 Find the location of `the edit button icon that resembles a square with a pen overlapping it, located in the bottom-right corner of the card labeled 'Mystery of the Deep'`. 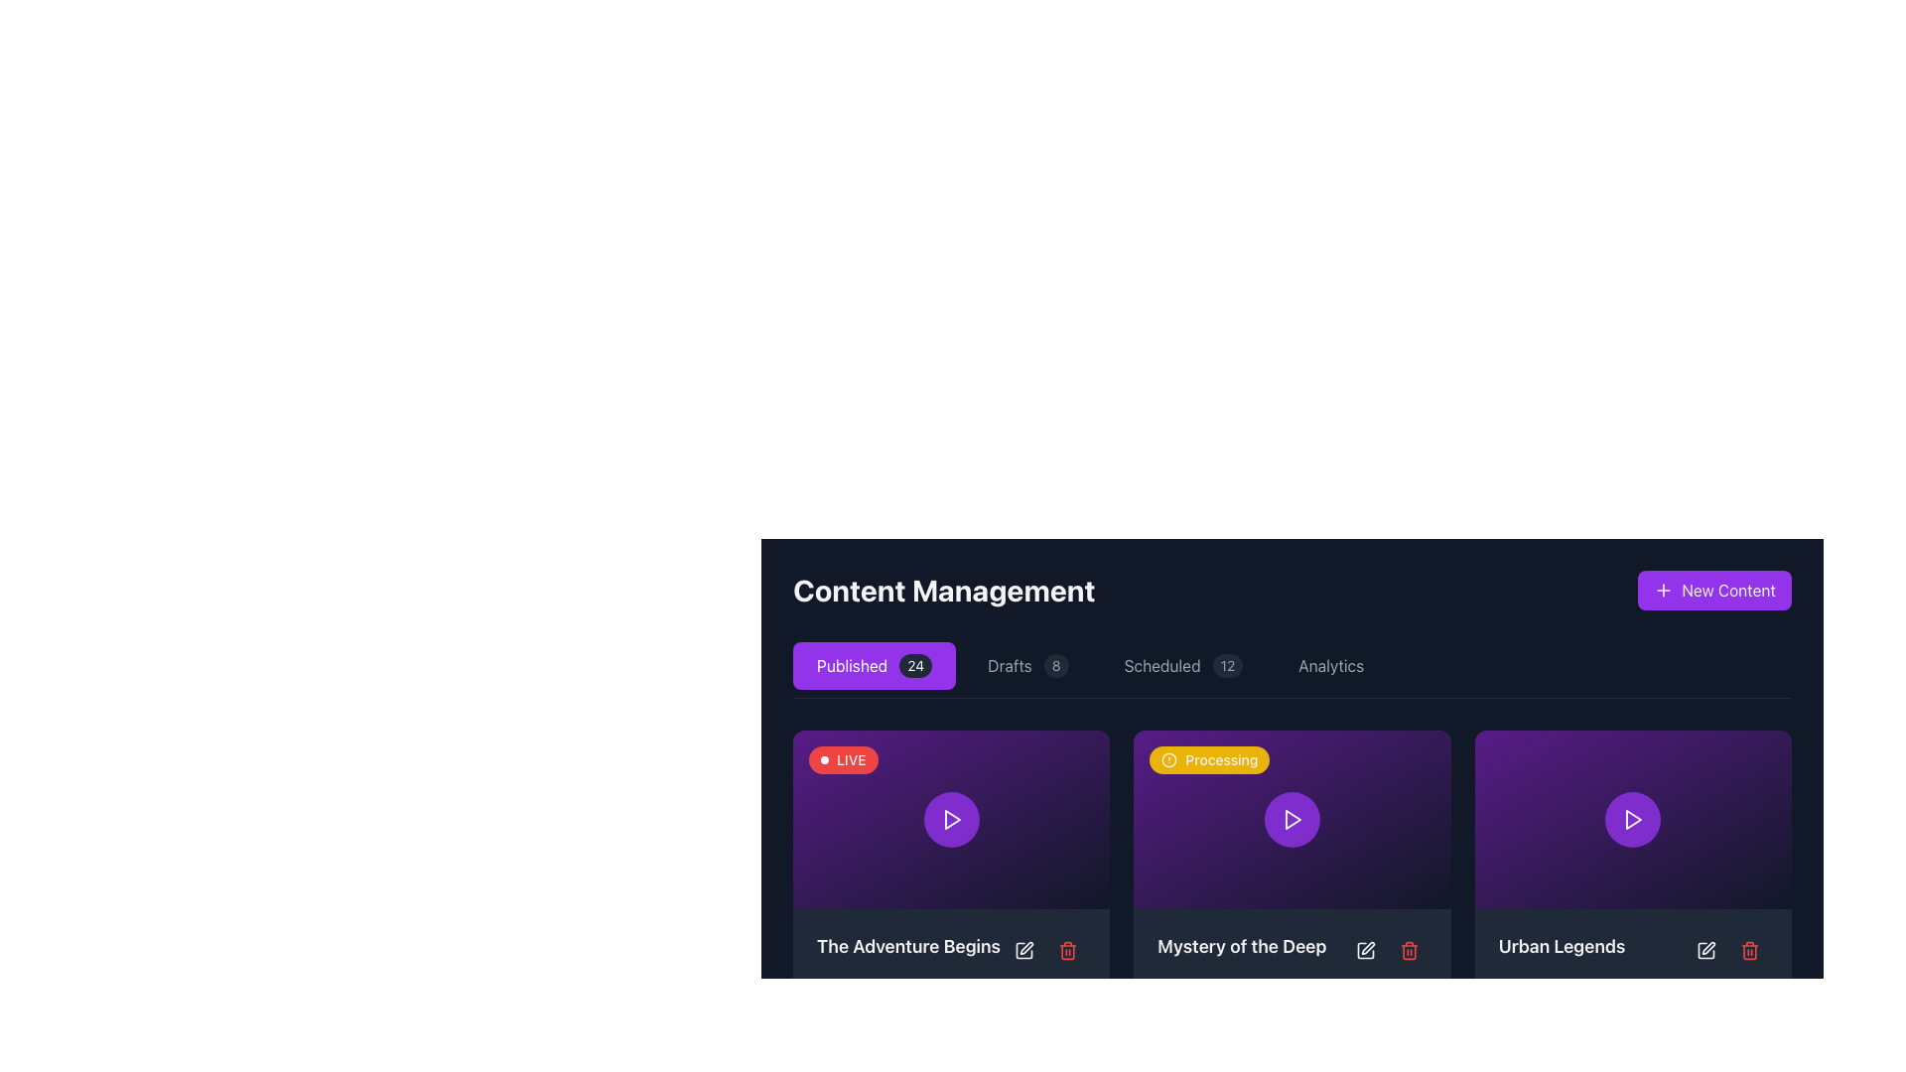

the edit button icon that resembles a square with a pen overlapping it, located in the bottom-right corner of the card labeled 'Mystery of the Deep' is located at coordinates (1364, 949).